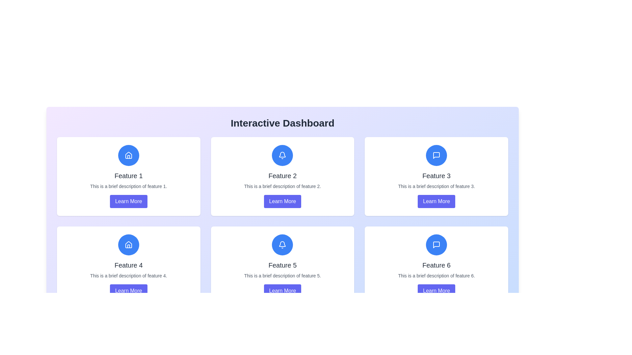  I want to click on the informational text about 'Feature 4' that is positioned below its title and above the 'Learn More' button, so click(128, 276).